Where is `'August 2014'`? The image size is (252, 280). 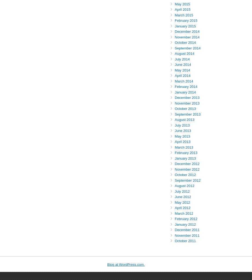 'August 2014' is located at coordinates (184, 53).